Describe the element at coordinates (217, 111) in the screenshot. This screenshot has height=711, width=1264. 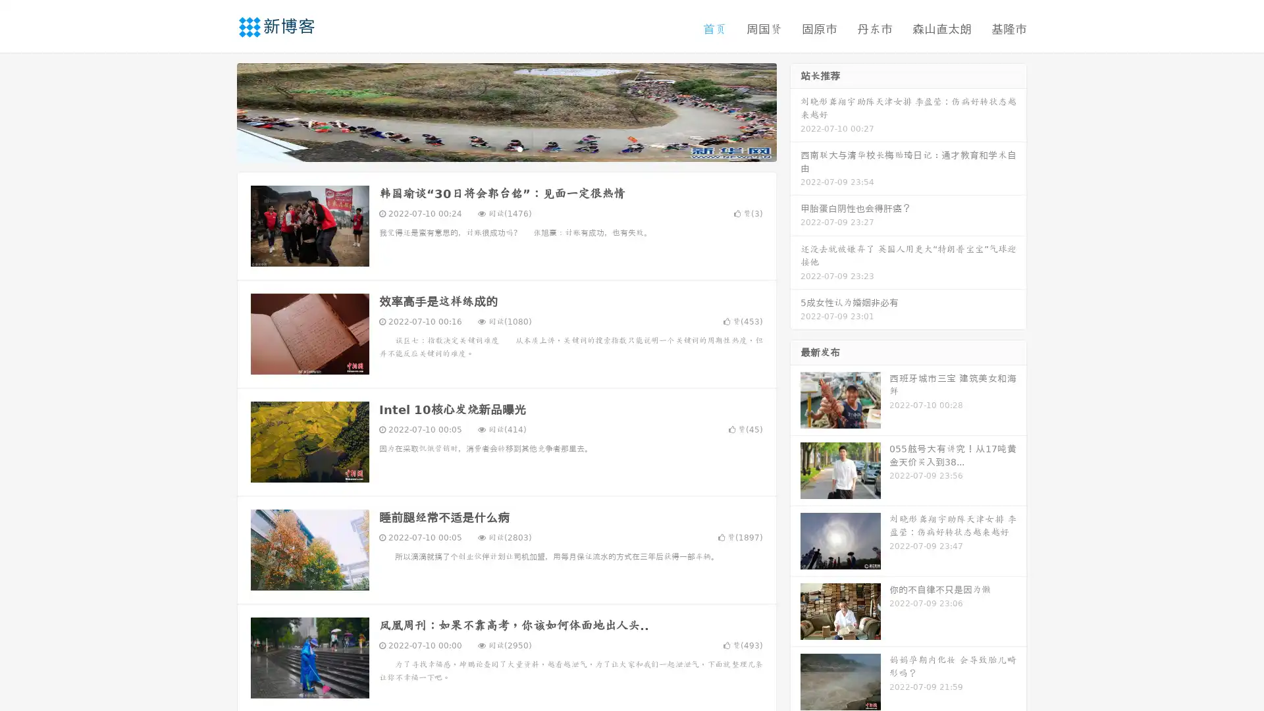
I see `Previous slide` at that location.